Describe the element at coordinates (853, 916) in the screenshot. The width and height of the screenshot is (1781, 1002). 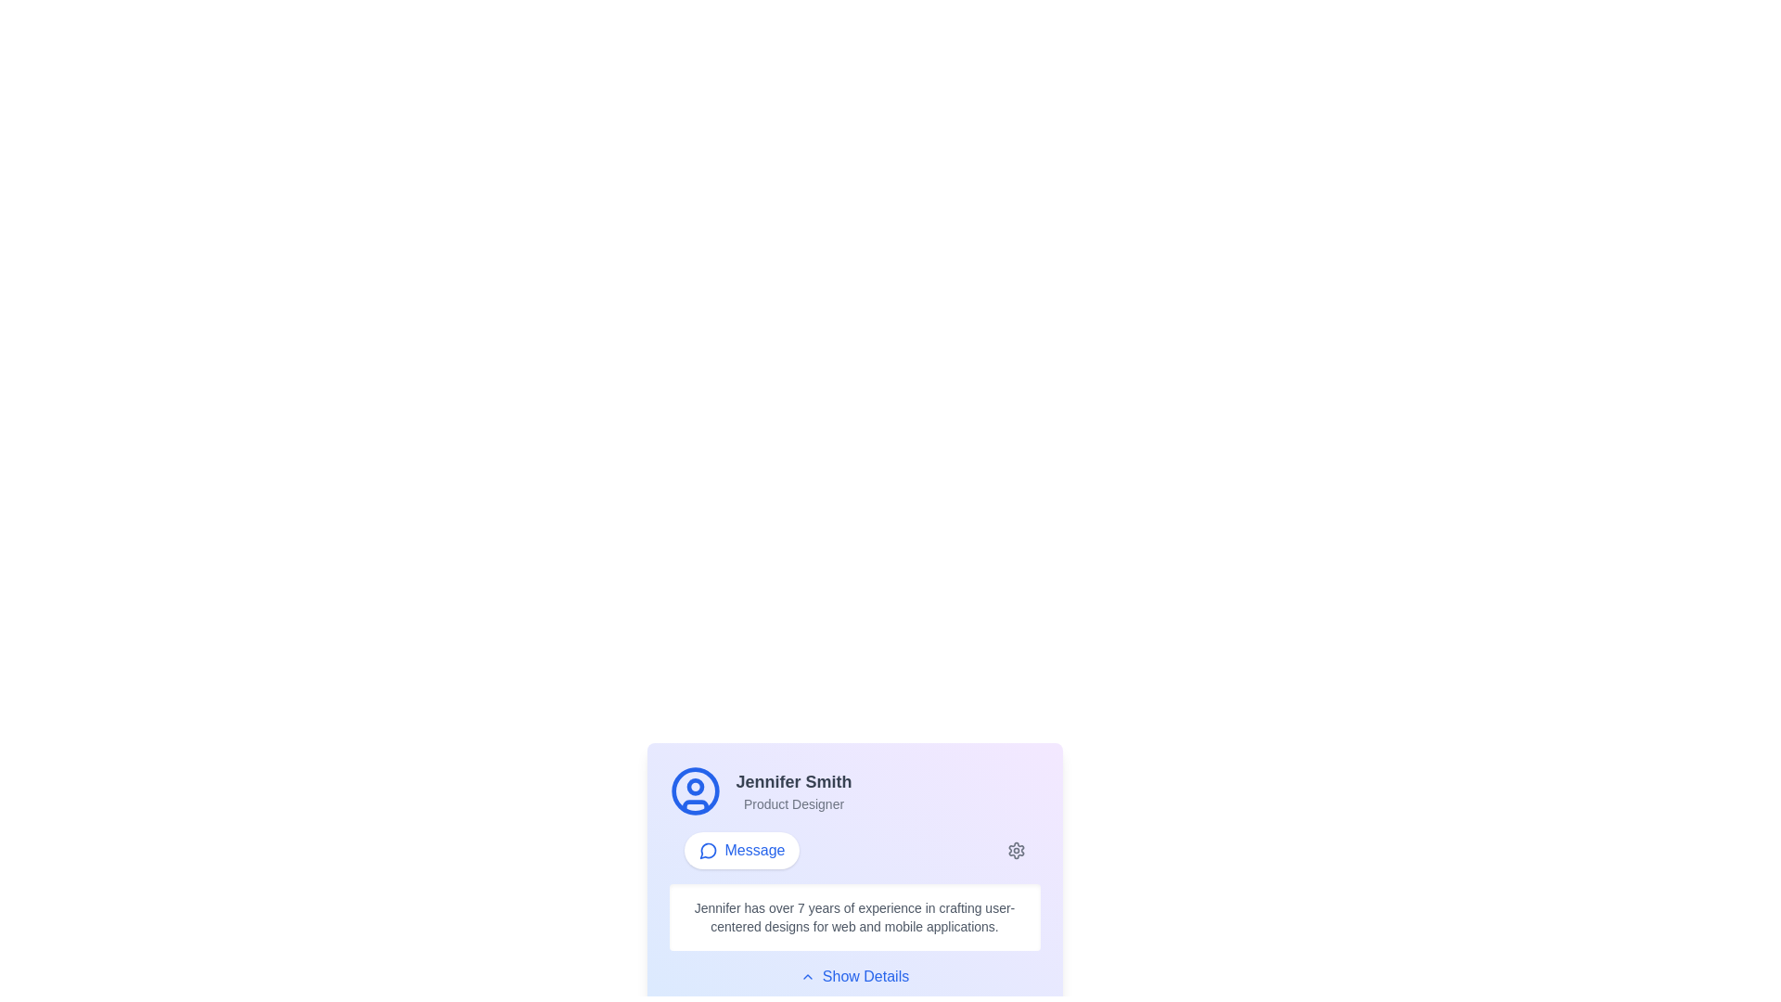
I see `text block containing Jennifer's professional expertise, which is located at the bottom of the main profile card, below the 'Message' button and above the 'Show Details' link` at that location.